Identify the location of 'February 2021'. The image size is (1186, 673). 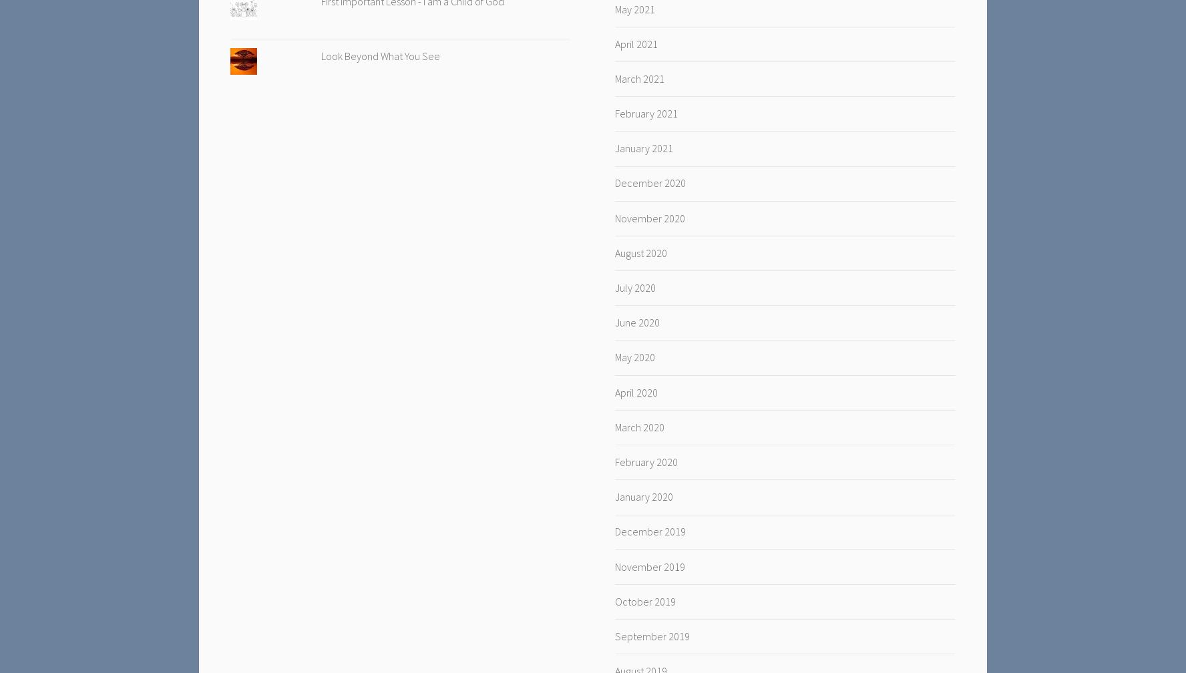
(646, 114).